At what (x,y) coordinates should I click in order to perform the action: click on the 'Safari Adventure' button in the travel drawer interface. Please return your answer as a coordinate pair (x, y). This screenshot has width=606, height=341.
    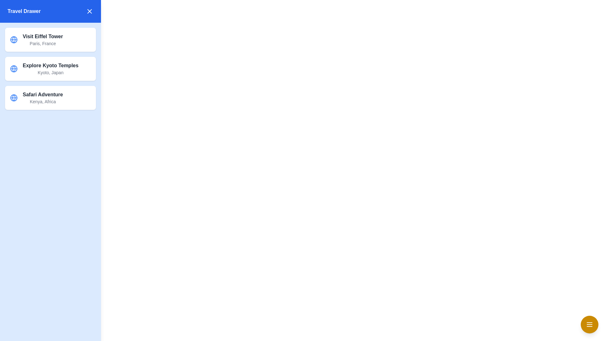
    Looking at the image, I should click on (50, 98).